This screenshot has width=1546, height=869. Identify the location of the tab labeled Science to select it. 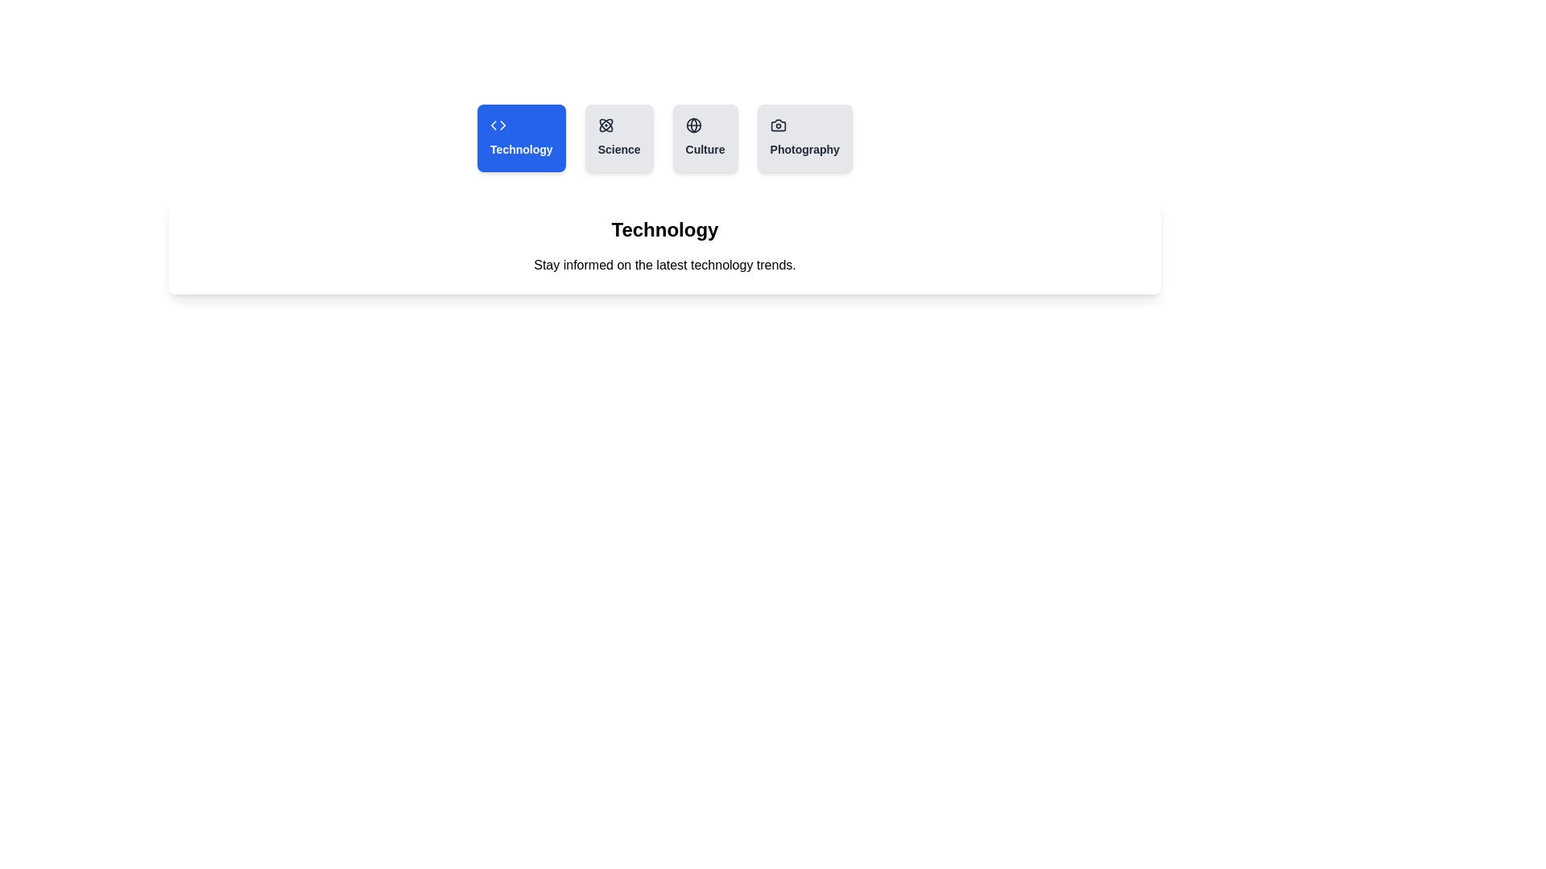
(618, 138).